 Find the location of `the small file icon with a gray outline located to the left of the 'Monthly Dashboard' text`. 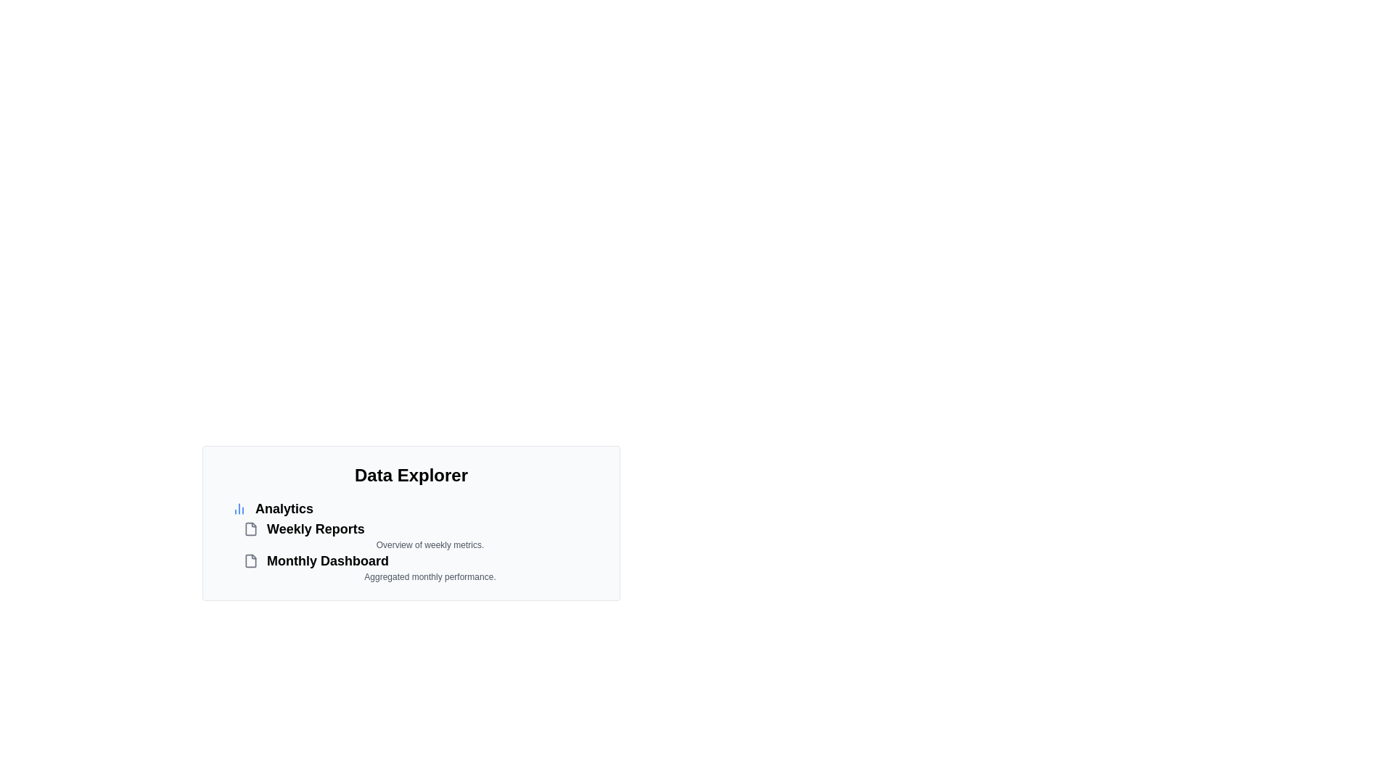

the small file icon with a gray outline located to the left of the 'Monthly Dashboard' text is located at coordinates (250, 560).